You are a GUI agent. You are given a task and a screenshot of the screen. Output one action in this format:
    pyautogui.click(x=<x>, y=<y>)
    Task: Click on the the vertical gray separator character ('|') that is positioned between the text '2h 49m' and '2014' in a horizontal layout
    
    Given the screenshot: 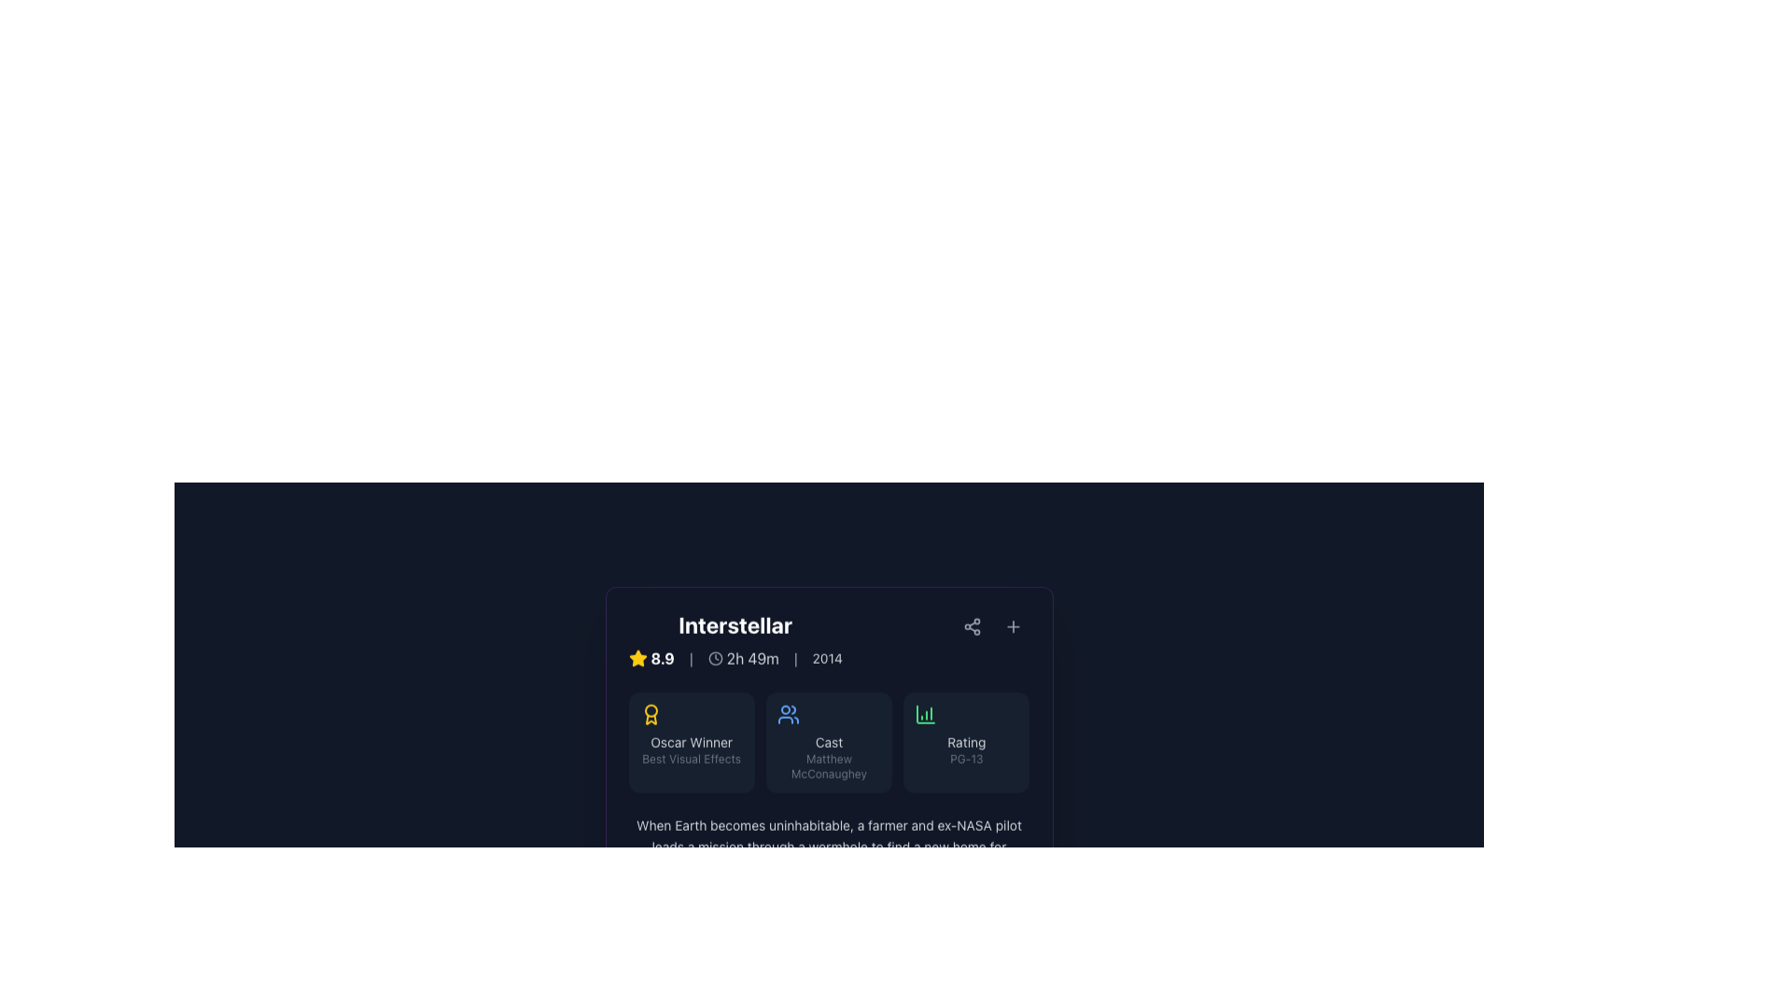 What is the action you would take?
    pyautogui.click(x=795, y=657)
    